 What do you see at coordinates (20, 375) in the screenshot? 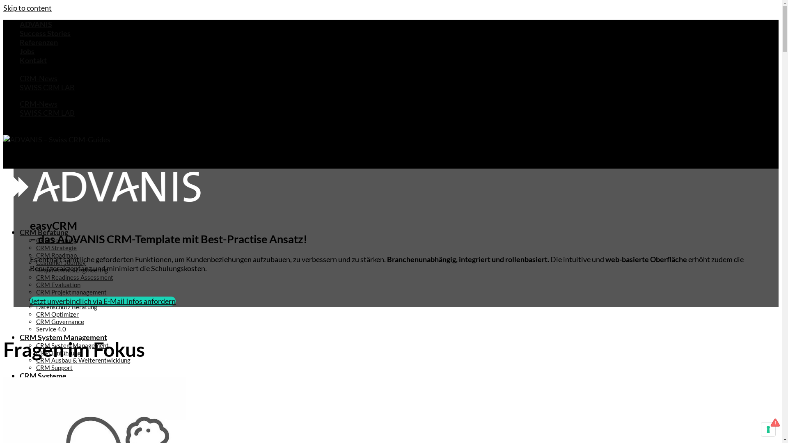
I see `'CRM Systeme'` at bounding box center [20, 375].